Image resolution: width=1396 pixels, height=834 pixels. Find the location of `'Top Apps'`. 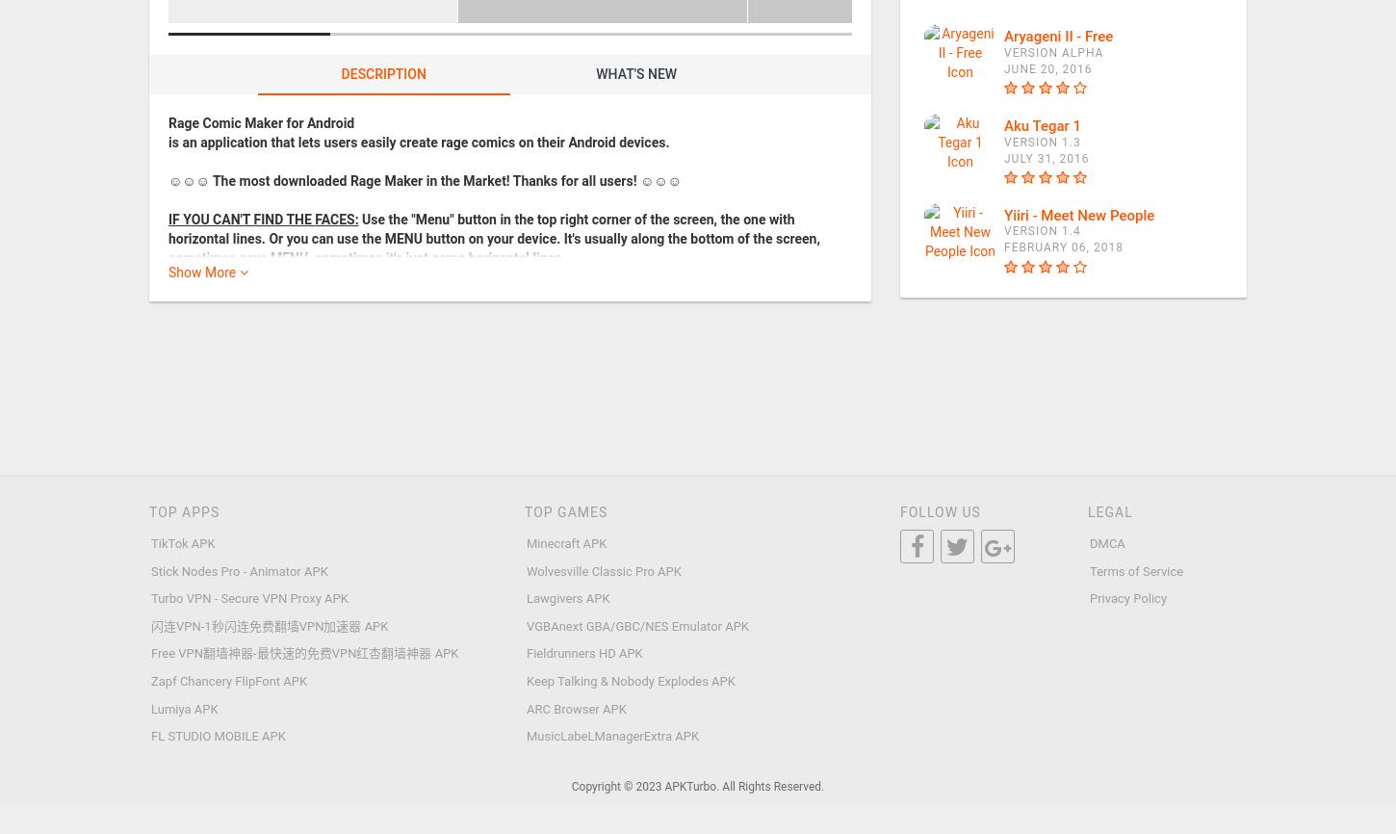

'Top Apps' is located at coordinates (183, 511).